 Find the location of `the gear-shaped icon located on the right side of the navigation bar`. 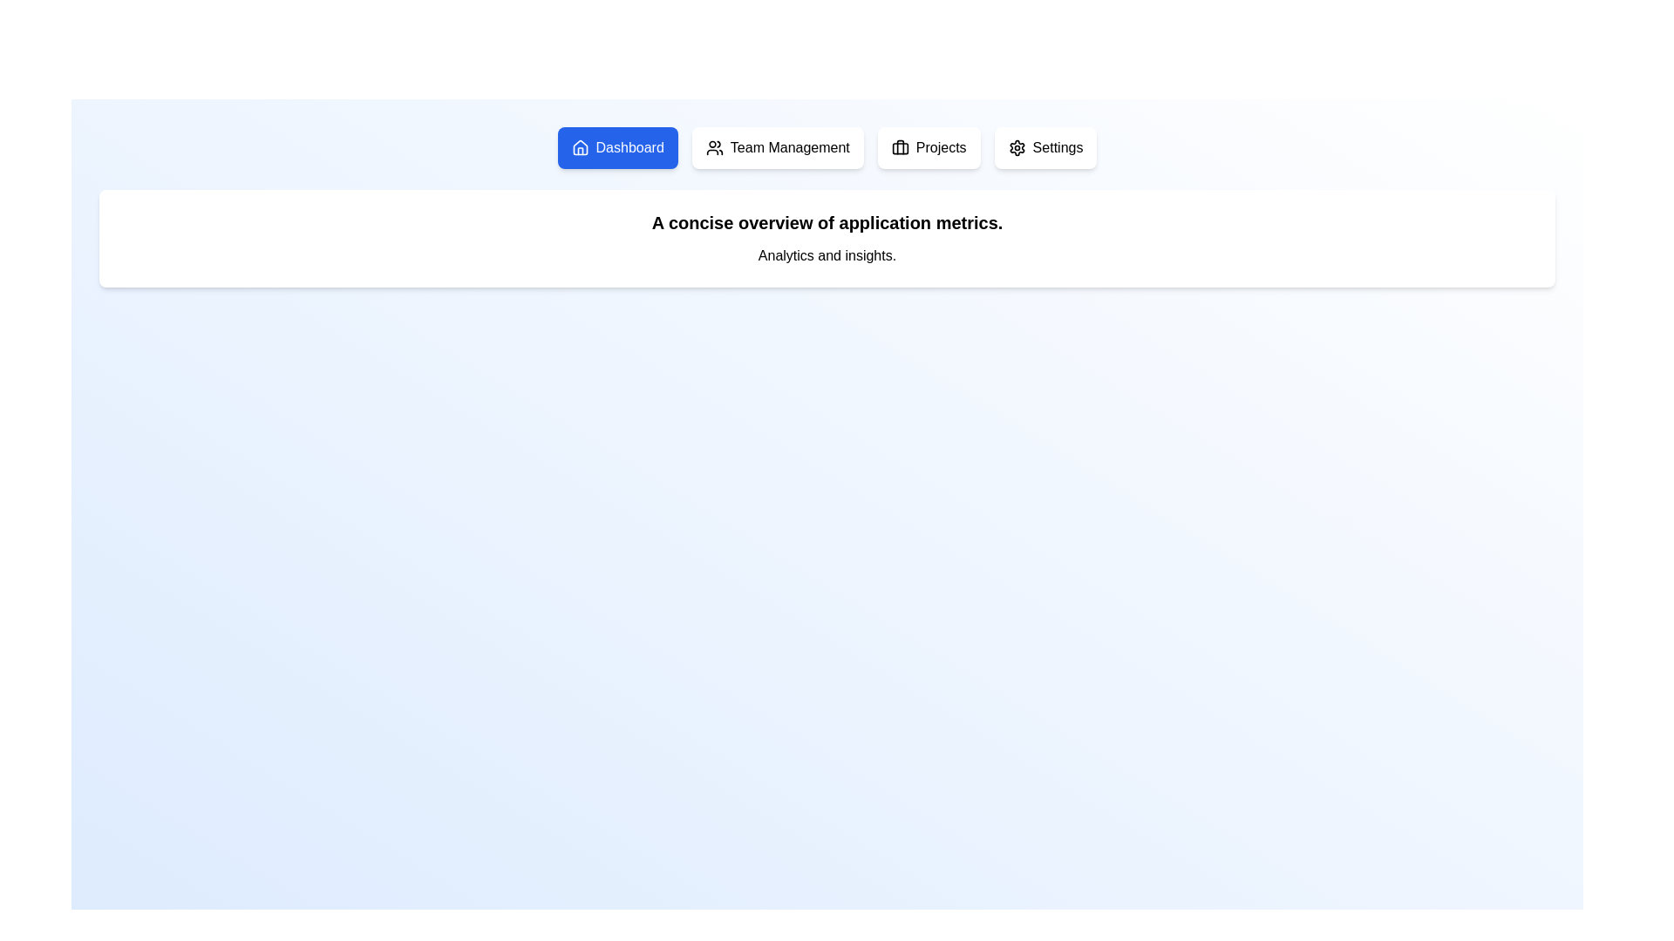

the gear-shaped icon located on the right side of the navigation bar is located at coordinates (1017, 146).